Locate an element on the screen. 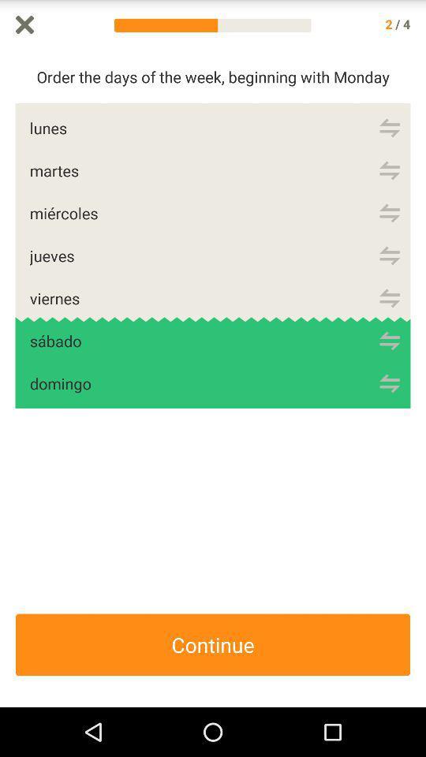  adjust order is located at coordinates (389, 382).